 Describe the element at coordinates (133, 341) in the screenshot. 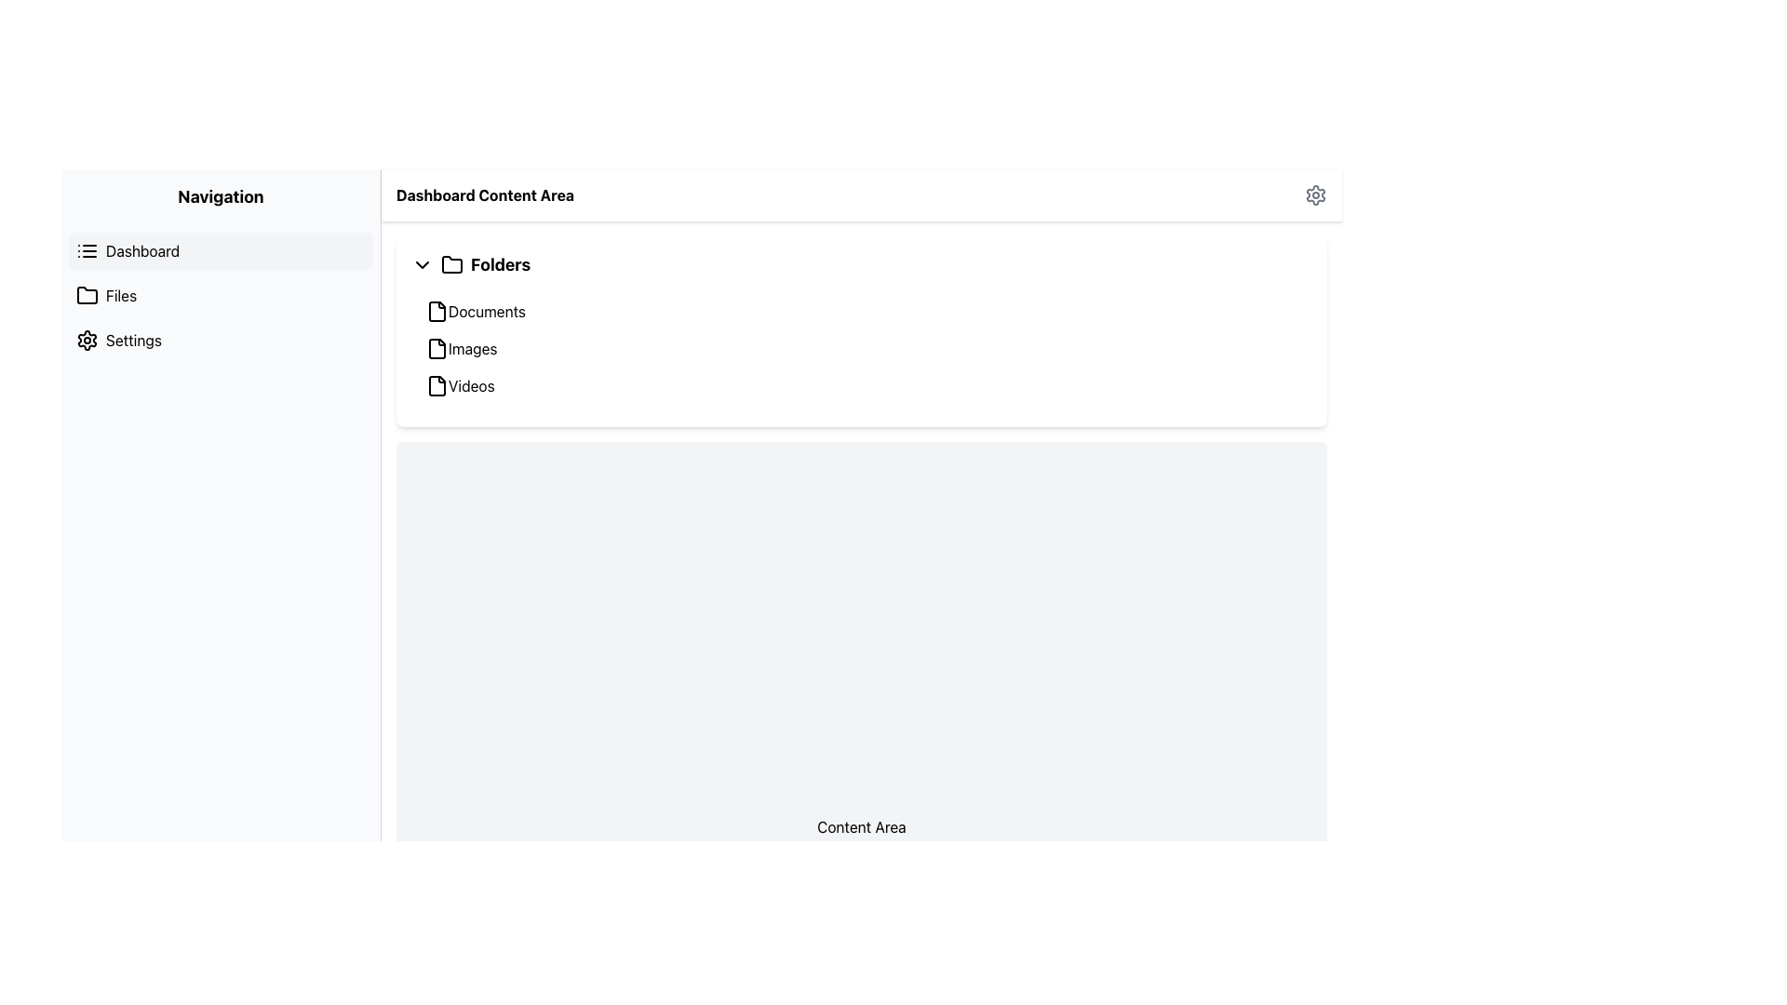

I see `the text label displaying 'Settings' located in the navigation sidebar` at that location.